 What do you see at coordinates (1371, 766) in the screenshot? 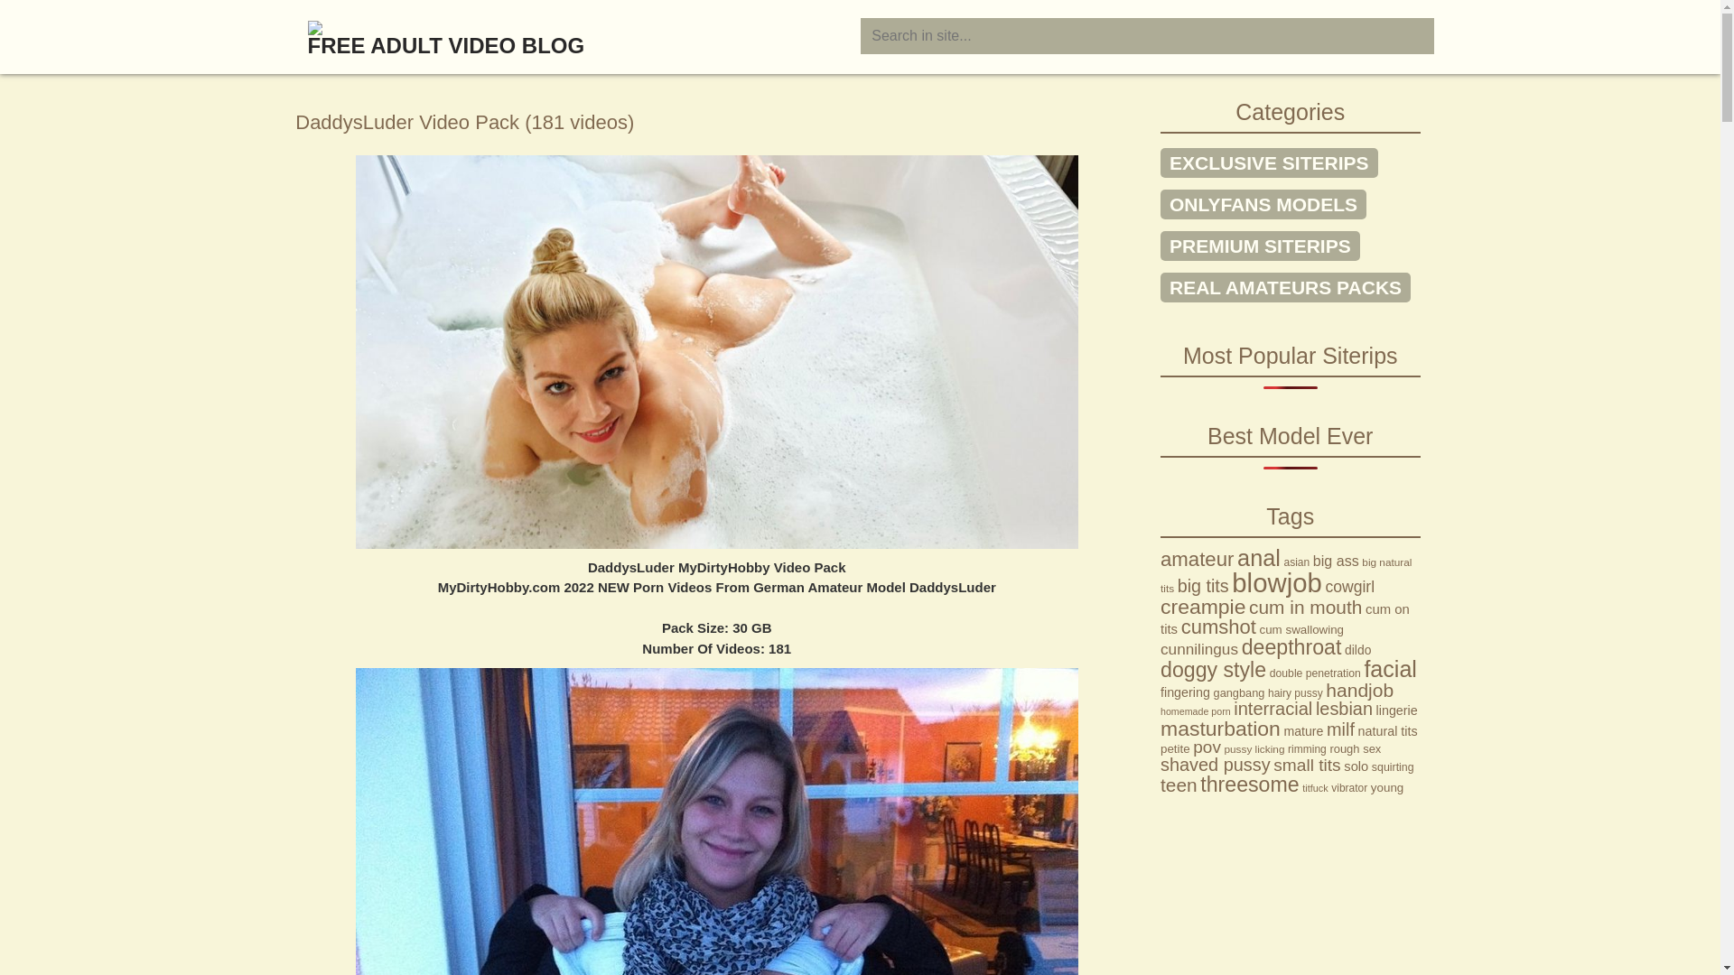
I see `'squirting'` at bounding box center [1371, 766].